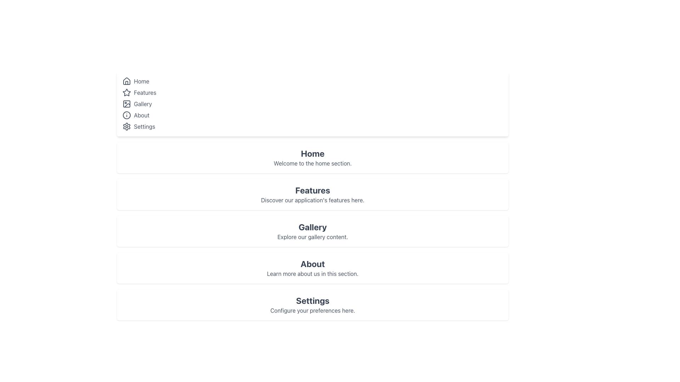  Describe the element at coordinates (127, 81) in the screenshot. I see `the Home icon in the navigation menu` at that location.